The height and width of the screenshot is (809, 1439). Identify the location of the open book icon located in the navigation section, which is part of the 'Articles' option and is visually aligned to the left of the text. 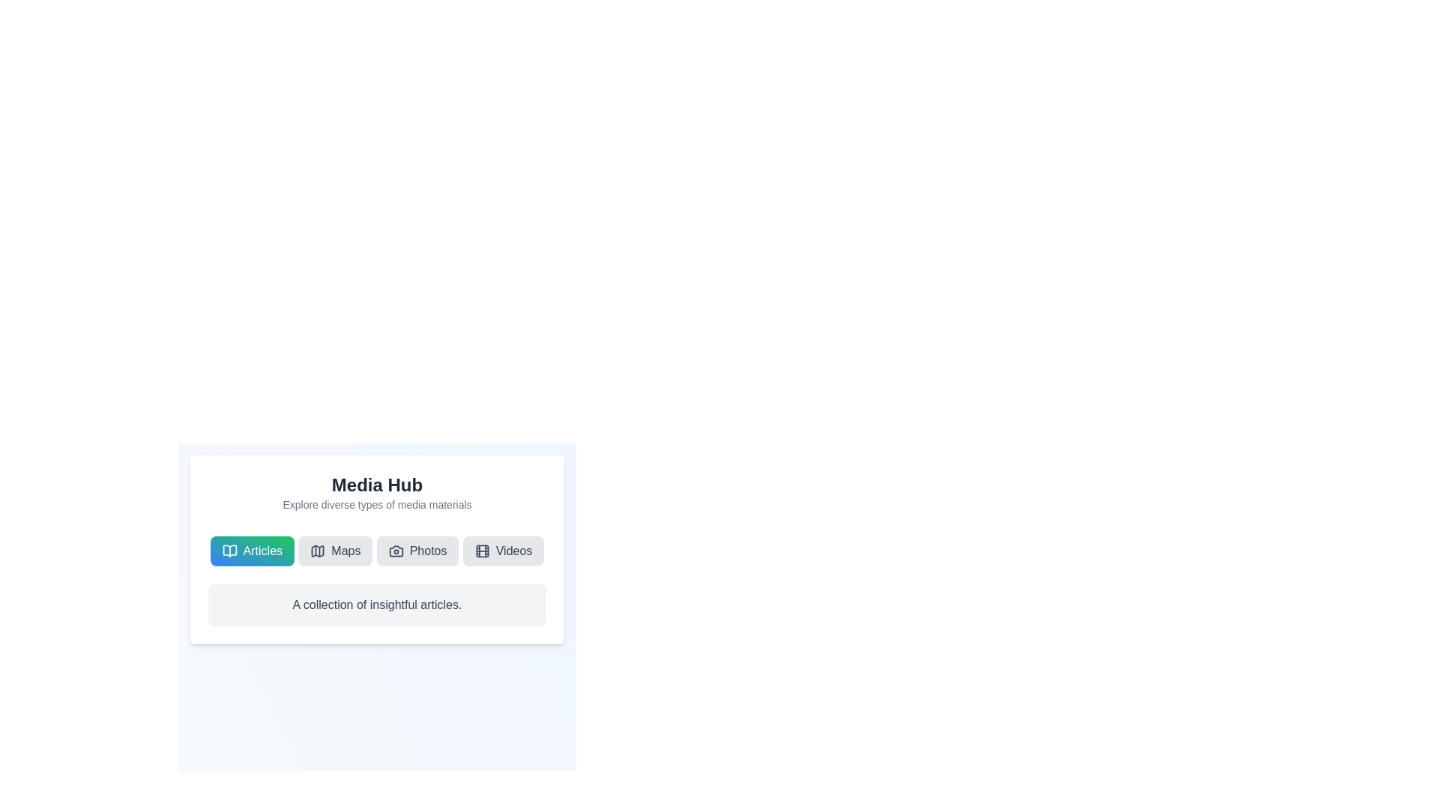
(229, 551).